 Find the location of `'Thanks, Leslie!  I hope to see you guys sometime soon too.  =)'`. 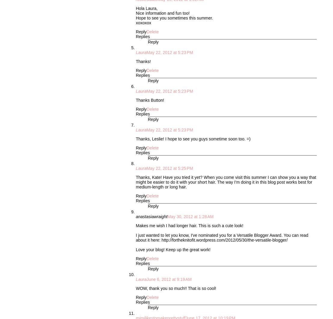

'Thanks, Leslie!  I hope to see you guys sometime soon too.  =)' is located at coordinates (193, 138).